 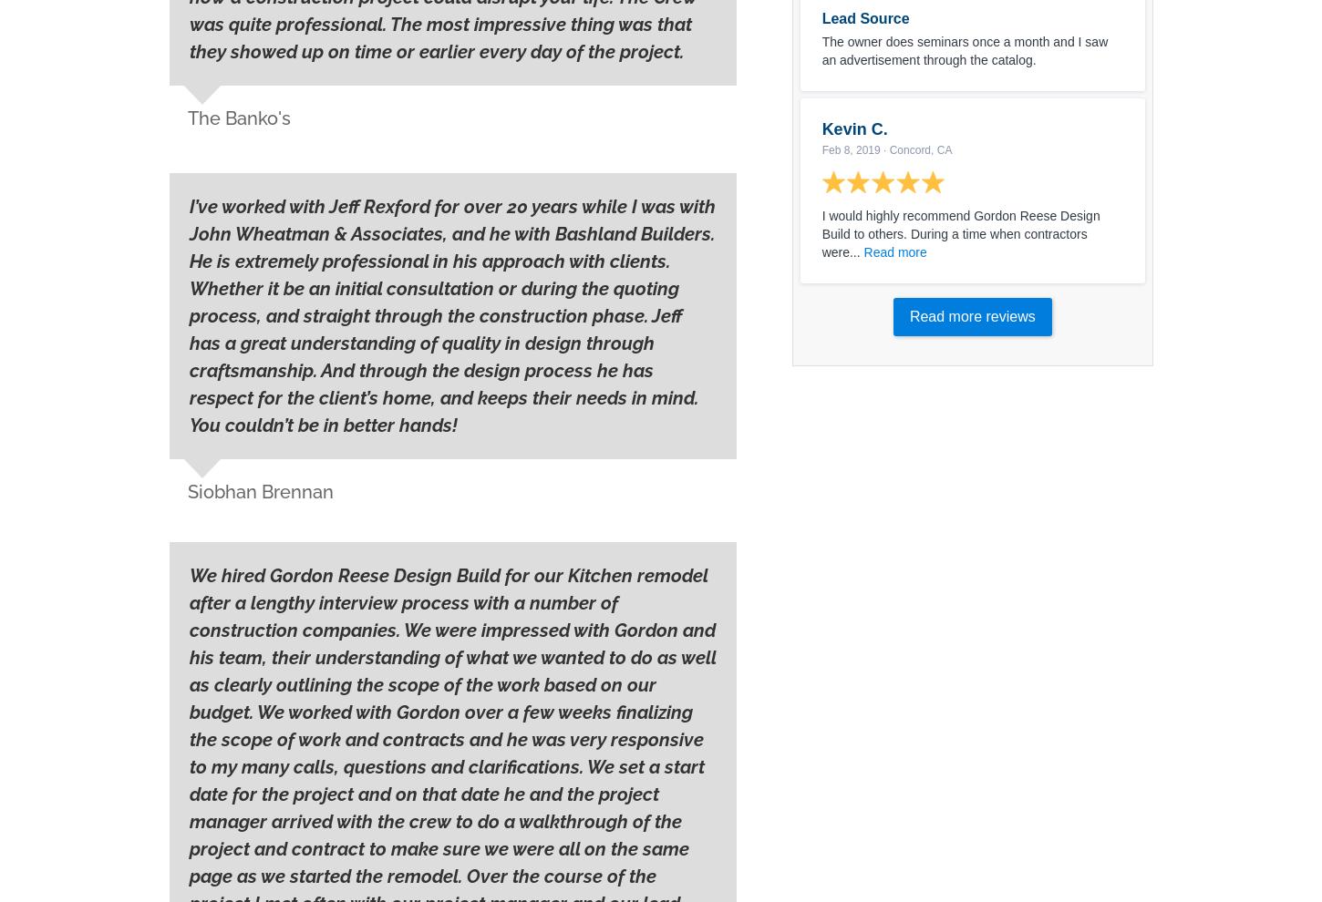 I want to click on '· Concord, CA', so click(x=915, y=149).